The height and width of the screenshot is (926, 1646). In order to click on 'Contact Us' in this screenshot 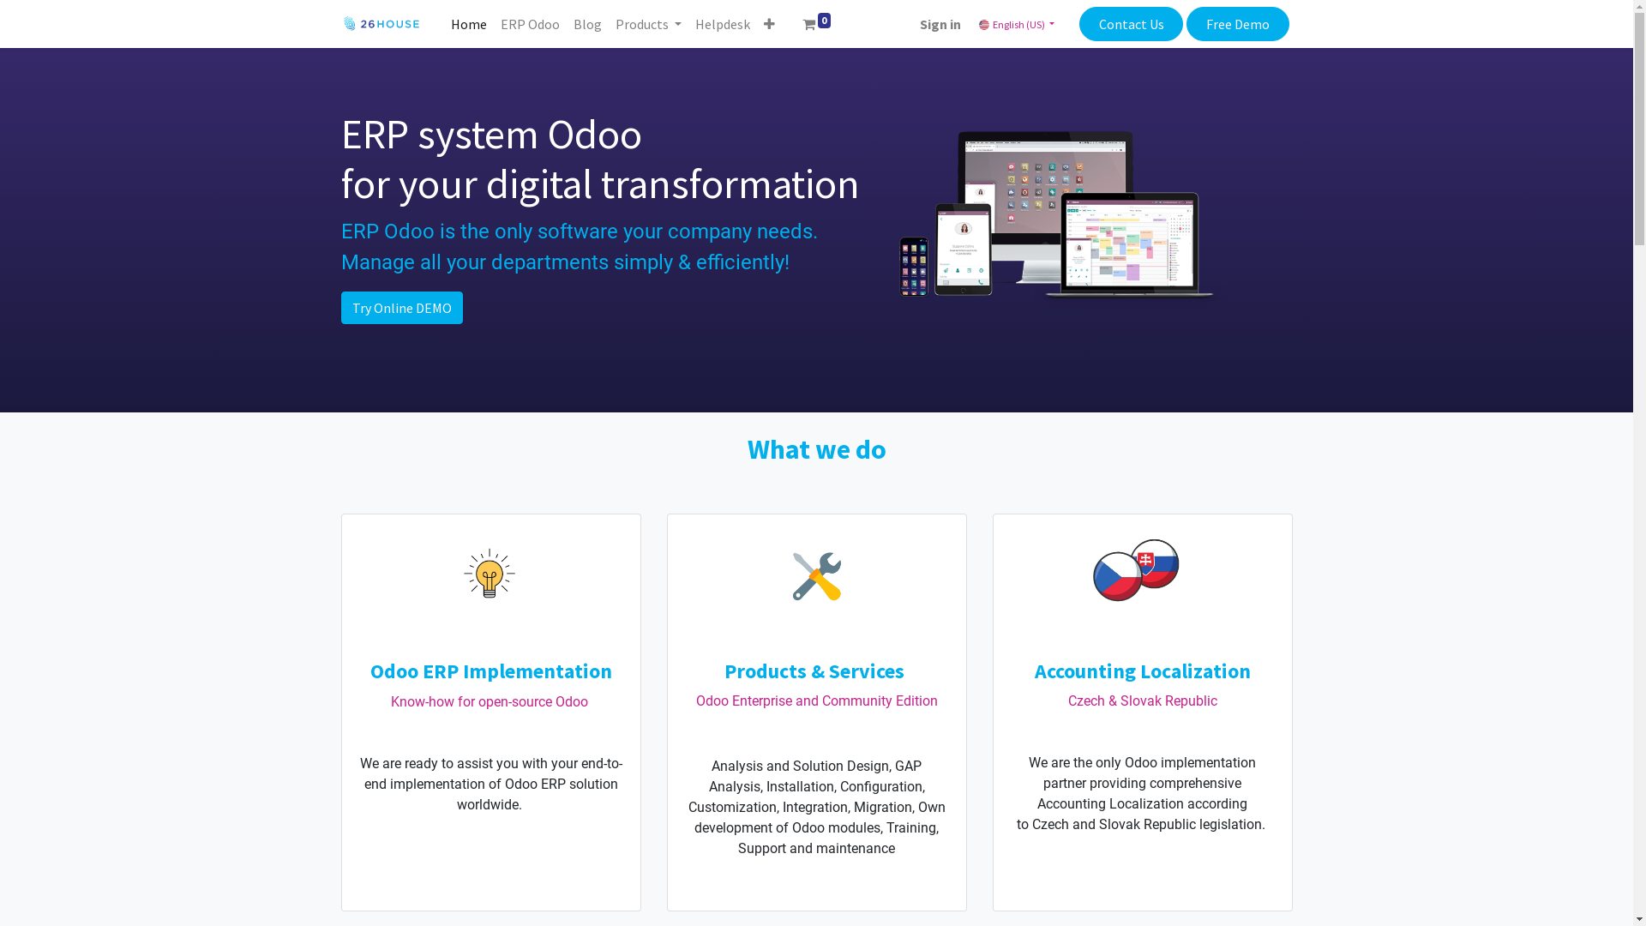, I will do `click(1131, 23)`.